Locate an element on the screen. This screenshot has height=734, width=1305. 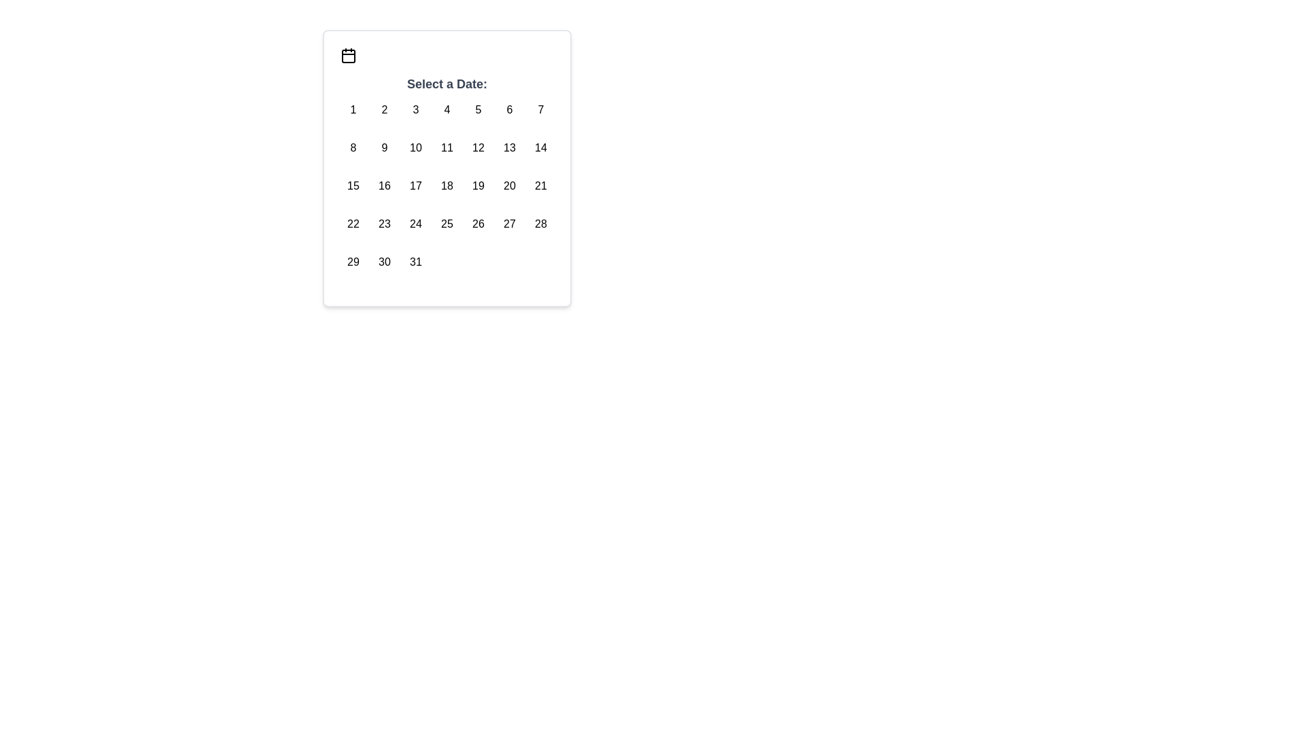
the circular button displaying '30' in the calendar grid, located in the last row and second column, between '29' and '31', for navigation is located at coordinates (384, 262).